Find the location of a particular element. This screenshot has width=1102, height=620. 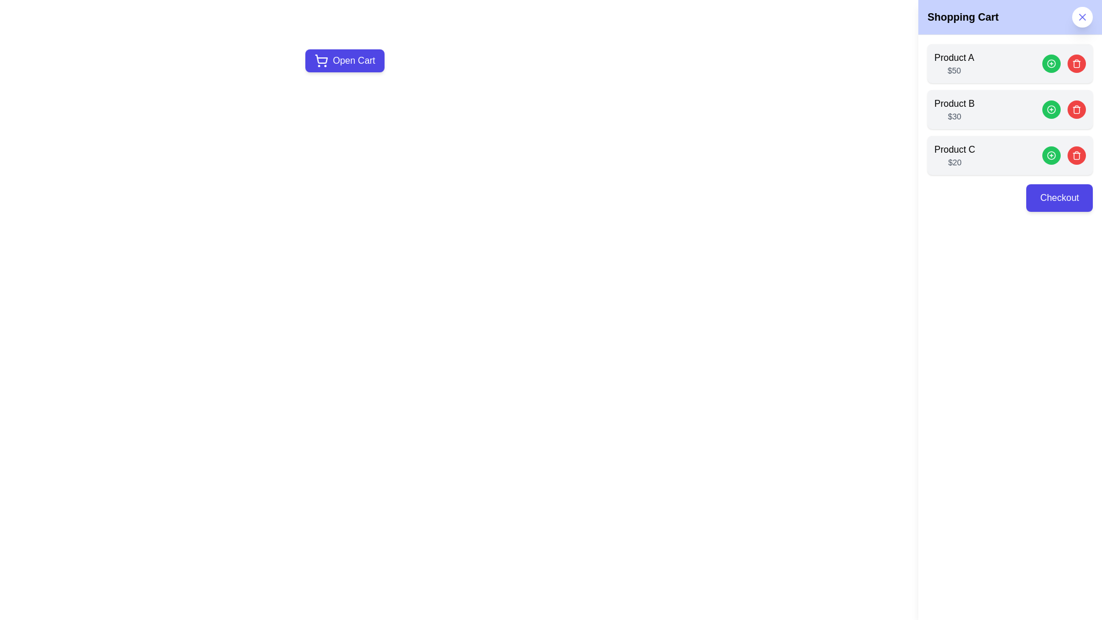

the red 'Trash' button for the product identified by its name Product A is located at coordinates (1076, 64).